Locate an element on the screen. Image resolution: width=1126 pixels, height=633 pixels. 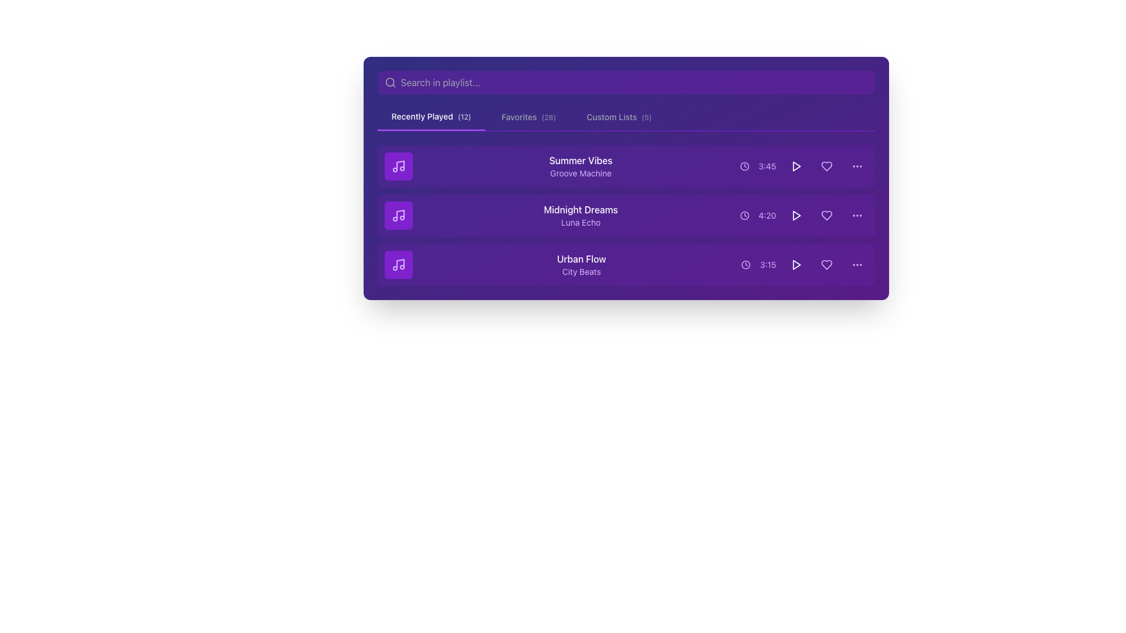
the time element of the second music track entry in the 'Recently Played' section is located at coordinates (625, 215).